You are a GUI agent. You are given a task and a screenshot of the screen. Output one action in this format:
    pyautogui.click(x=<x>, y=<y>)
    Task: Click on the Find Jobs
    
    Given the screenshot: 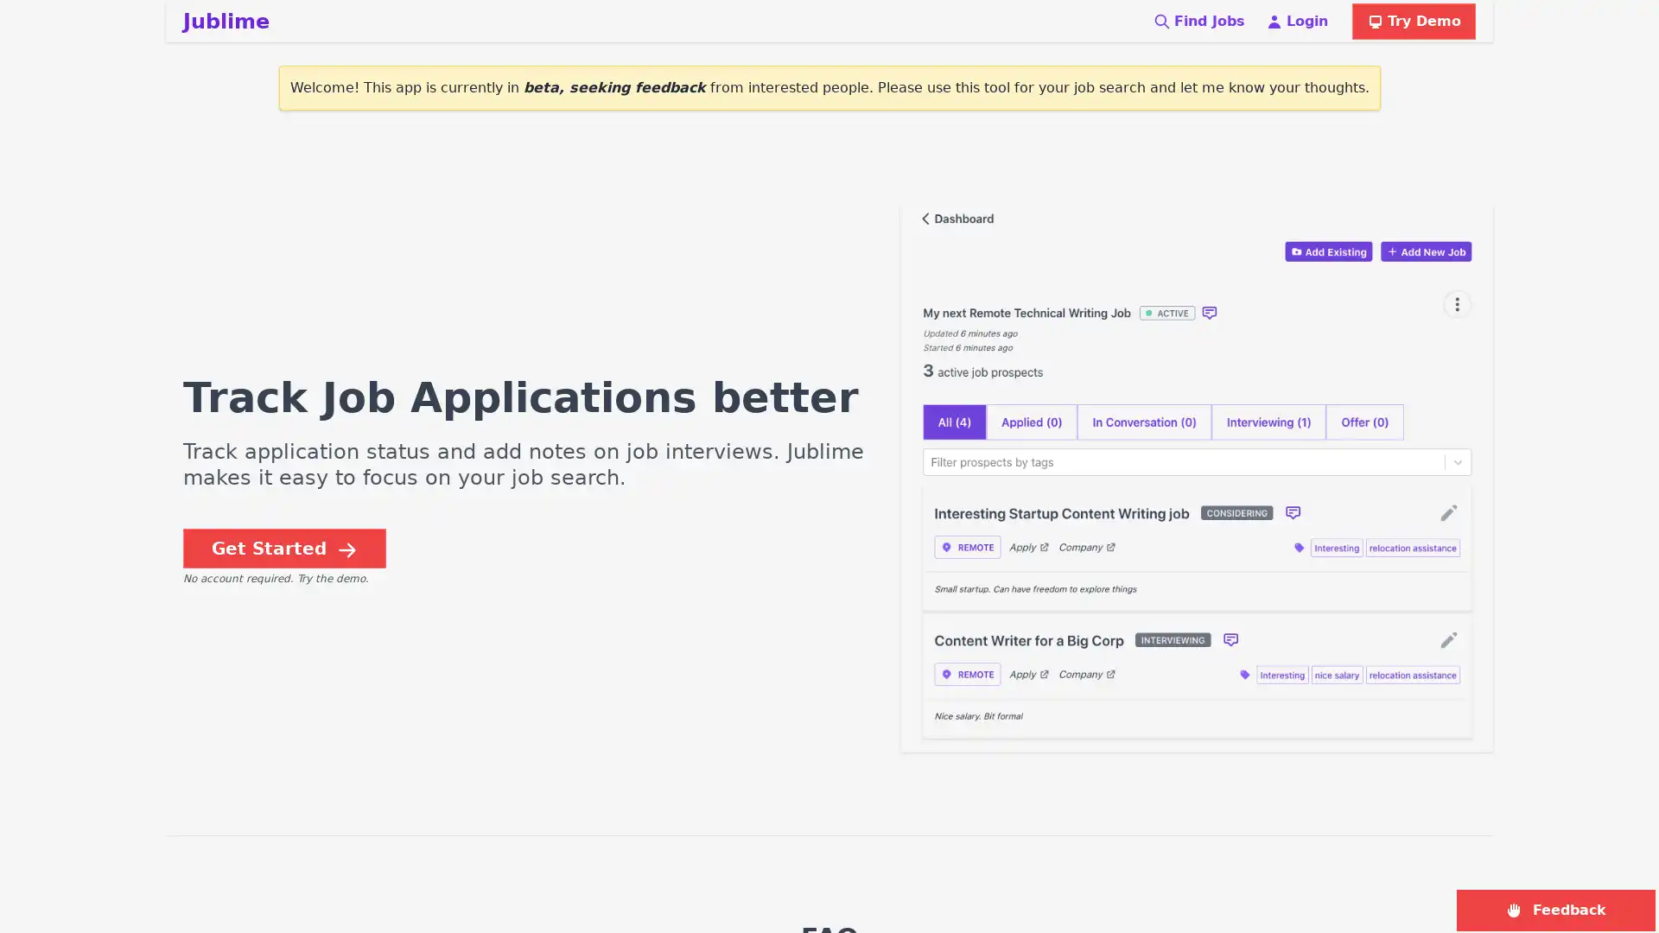 What is the action you would take?
    pyautogui.click(x=1198, y=21)
    